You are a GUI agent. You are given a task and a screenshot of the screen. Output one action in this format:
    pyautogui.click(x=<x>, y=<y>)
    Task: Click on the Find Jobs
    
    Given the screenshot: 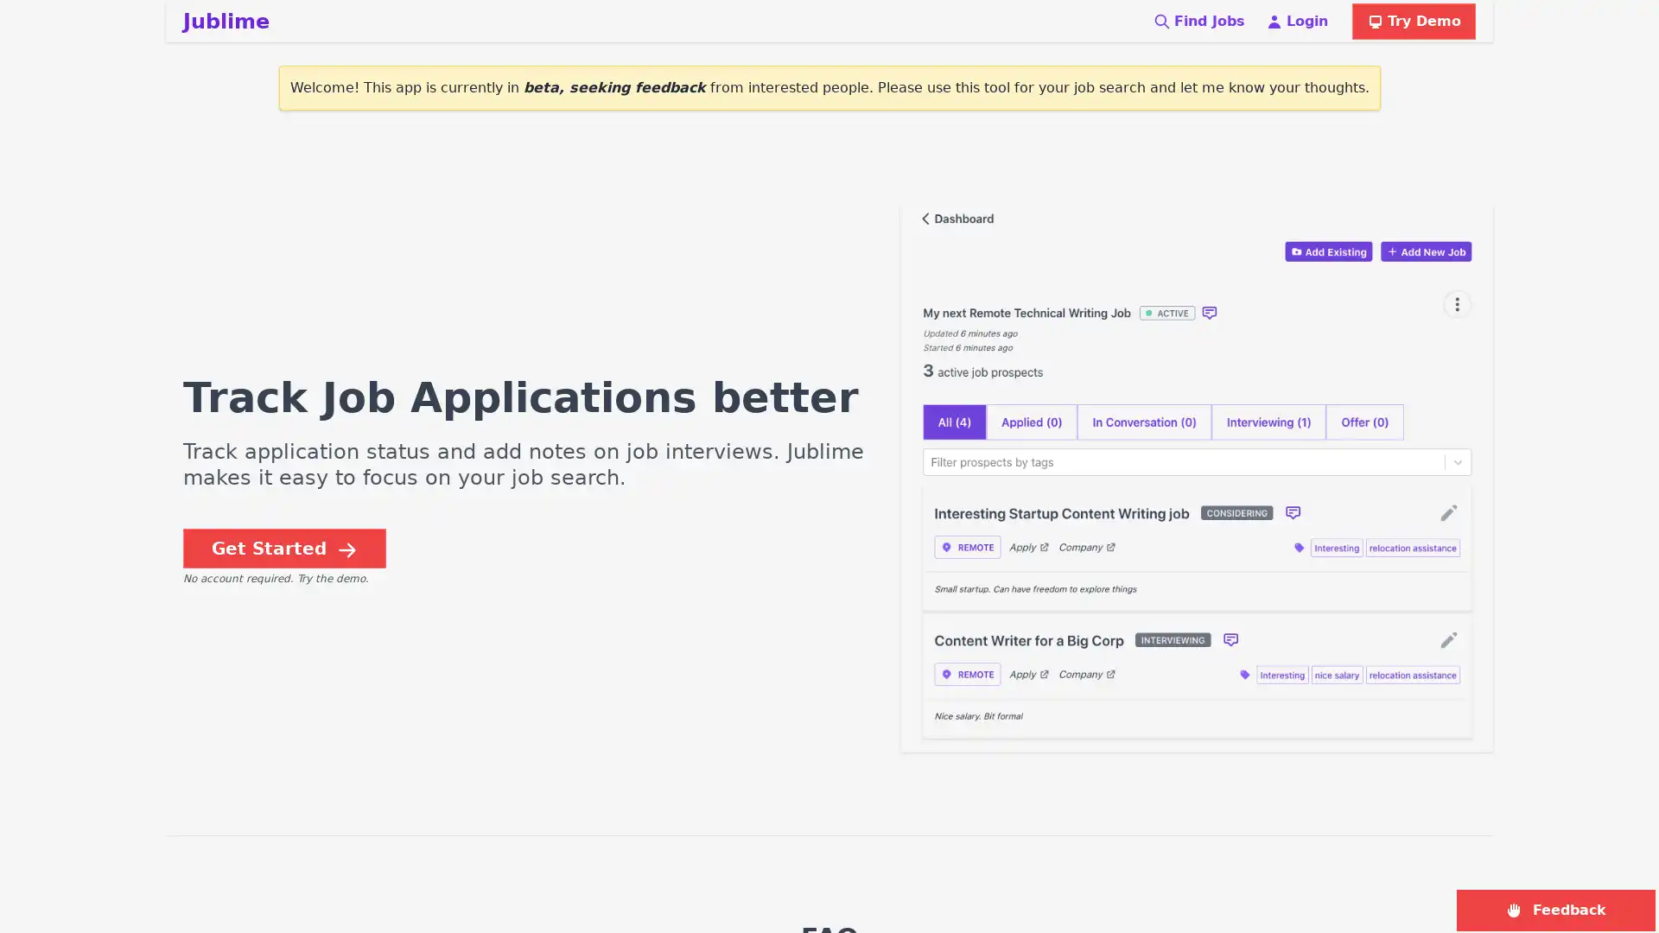 What is the action you would take?
    pyautogui.click(x=1198, y=21)
    